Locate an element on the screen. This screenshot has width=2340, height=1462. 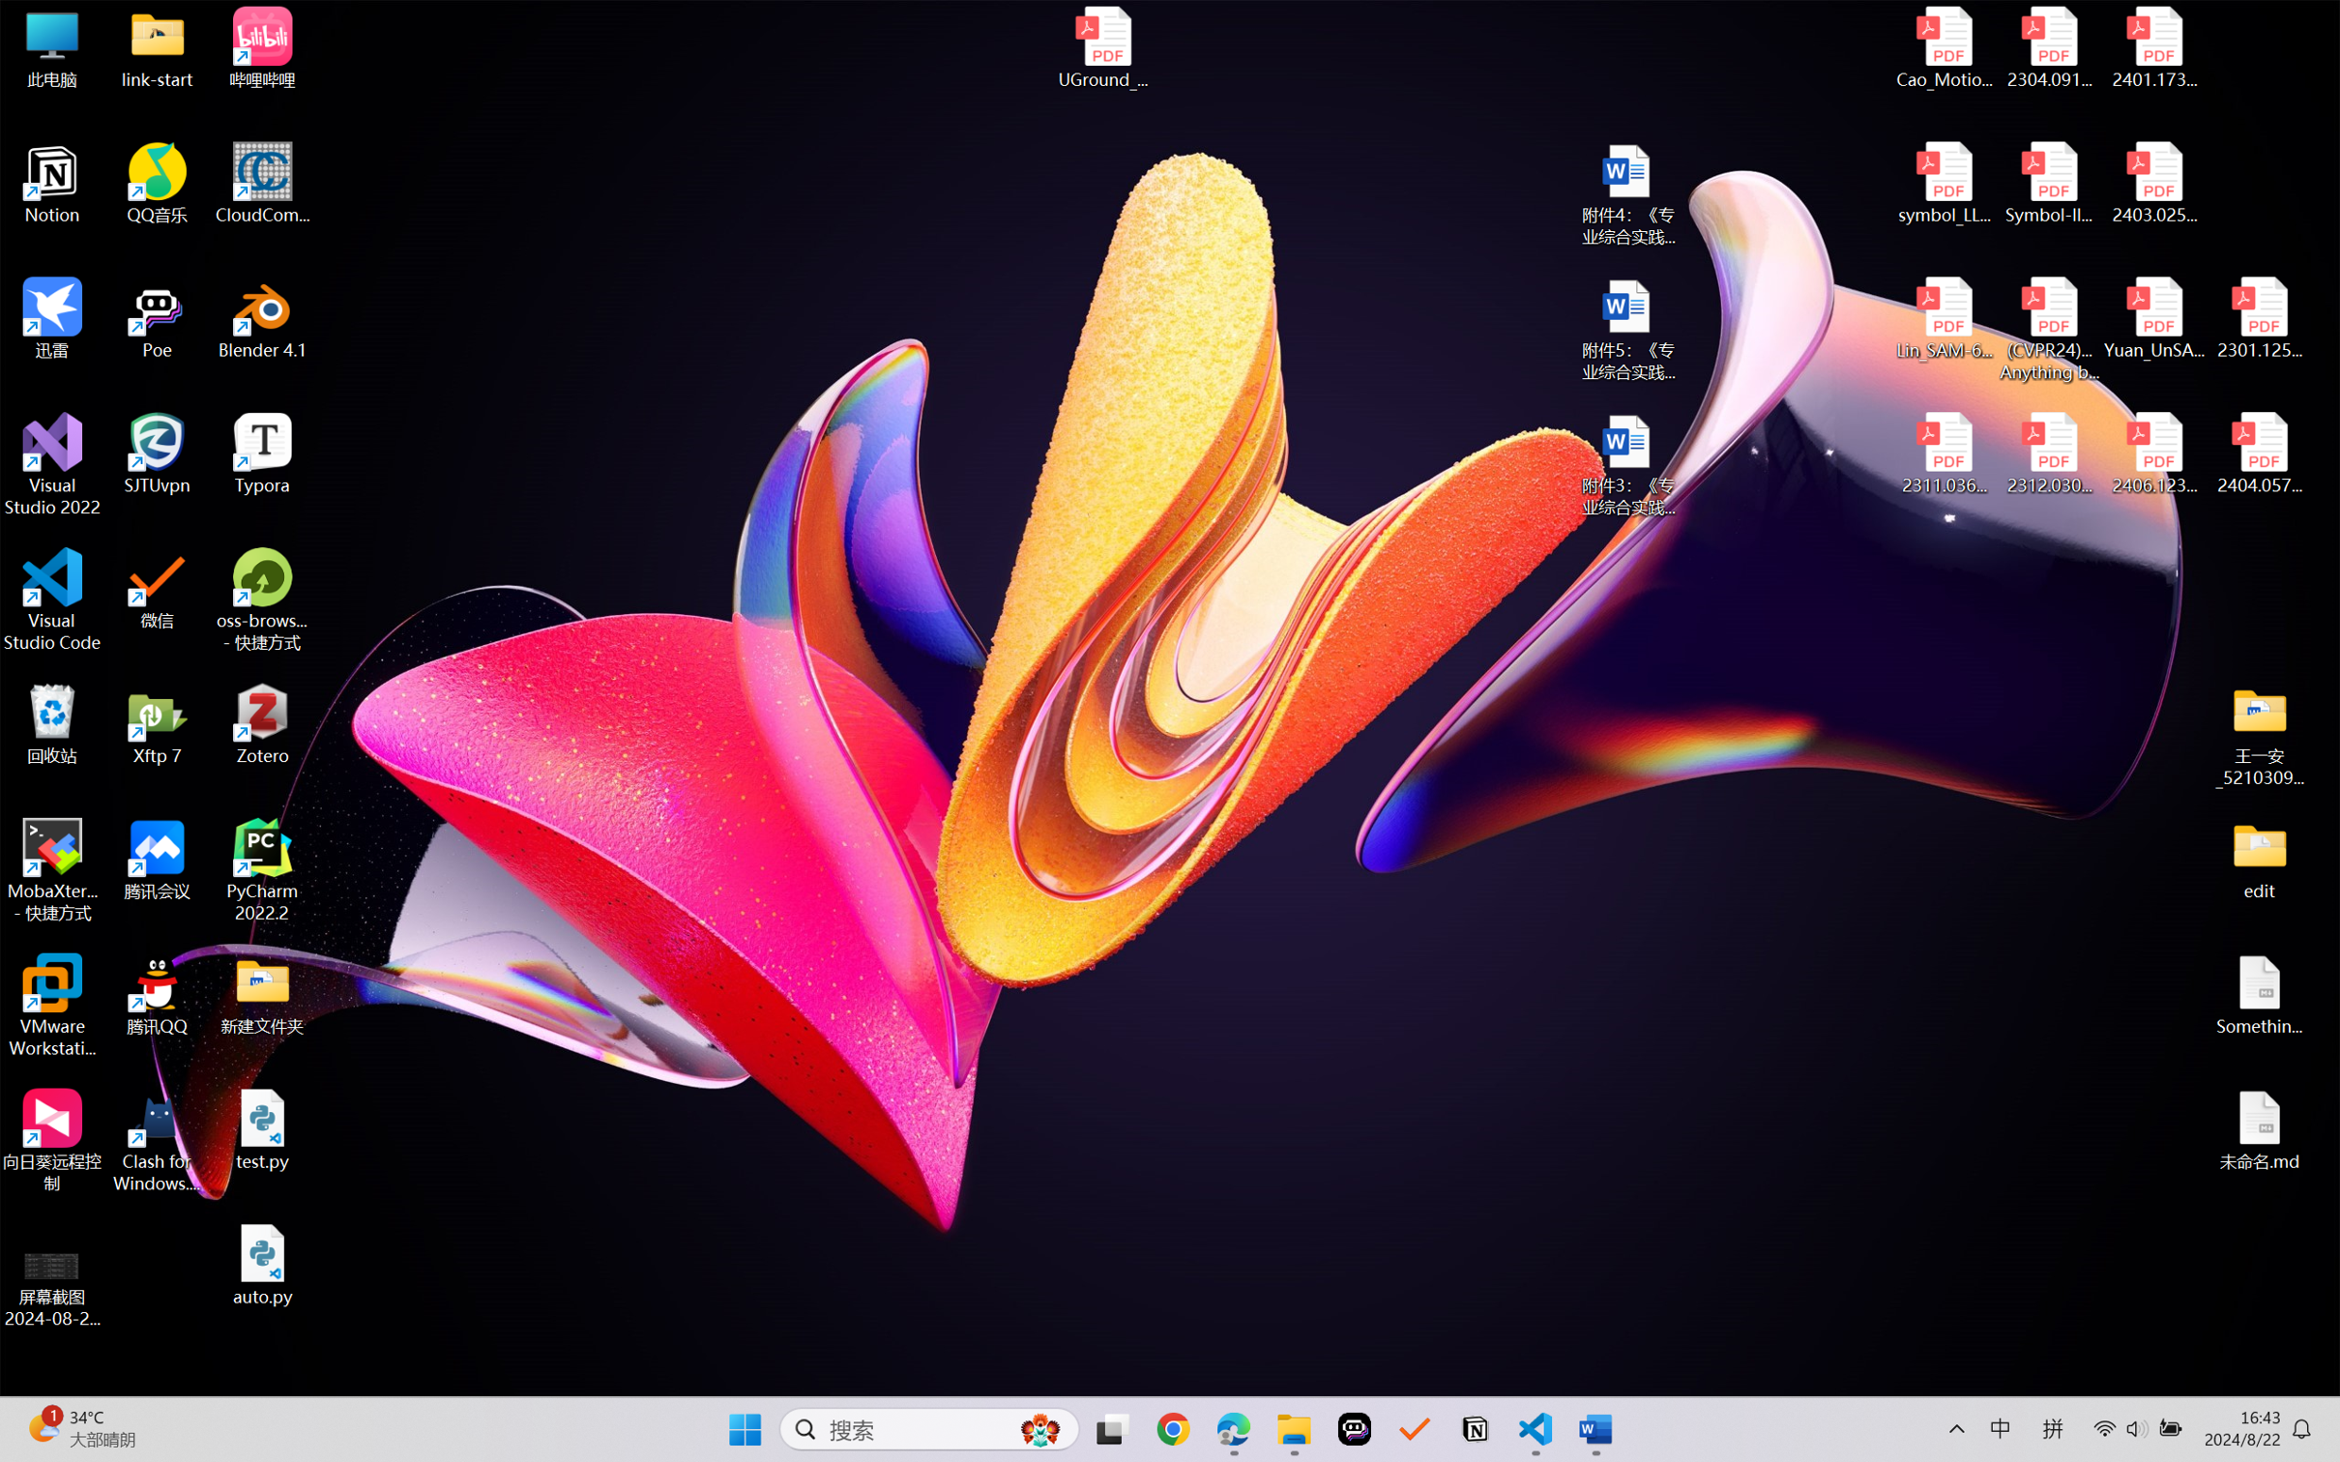
'(CVPR24)Matching Anything by Segmenting Anything.pdf' is located at coordinates (2048, 329).